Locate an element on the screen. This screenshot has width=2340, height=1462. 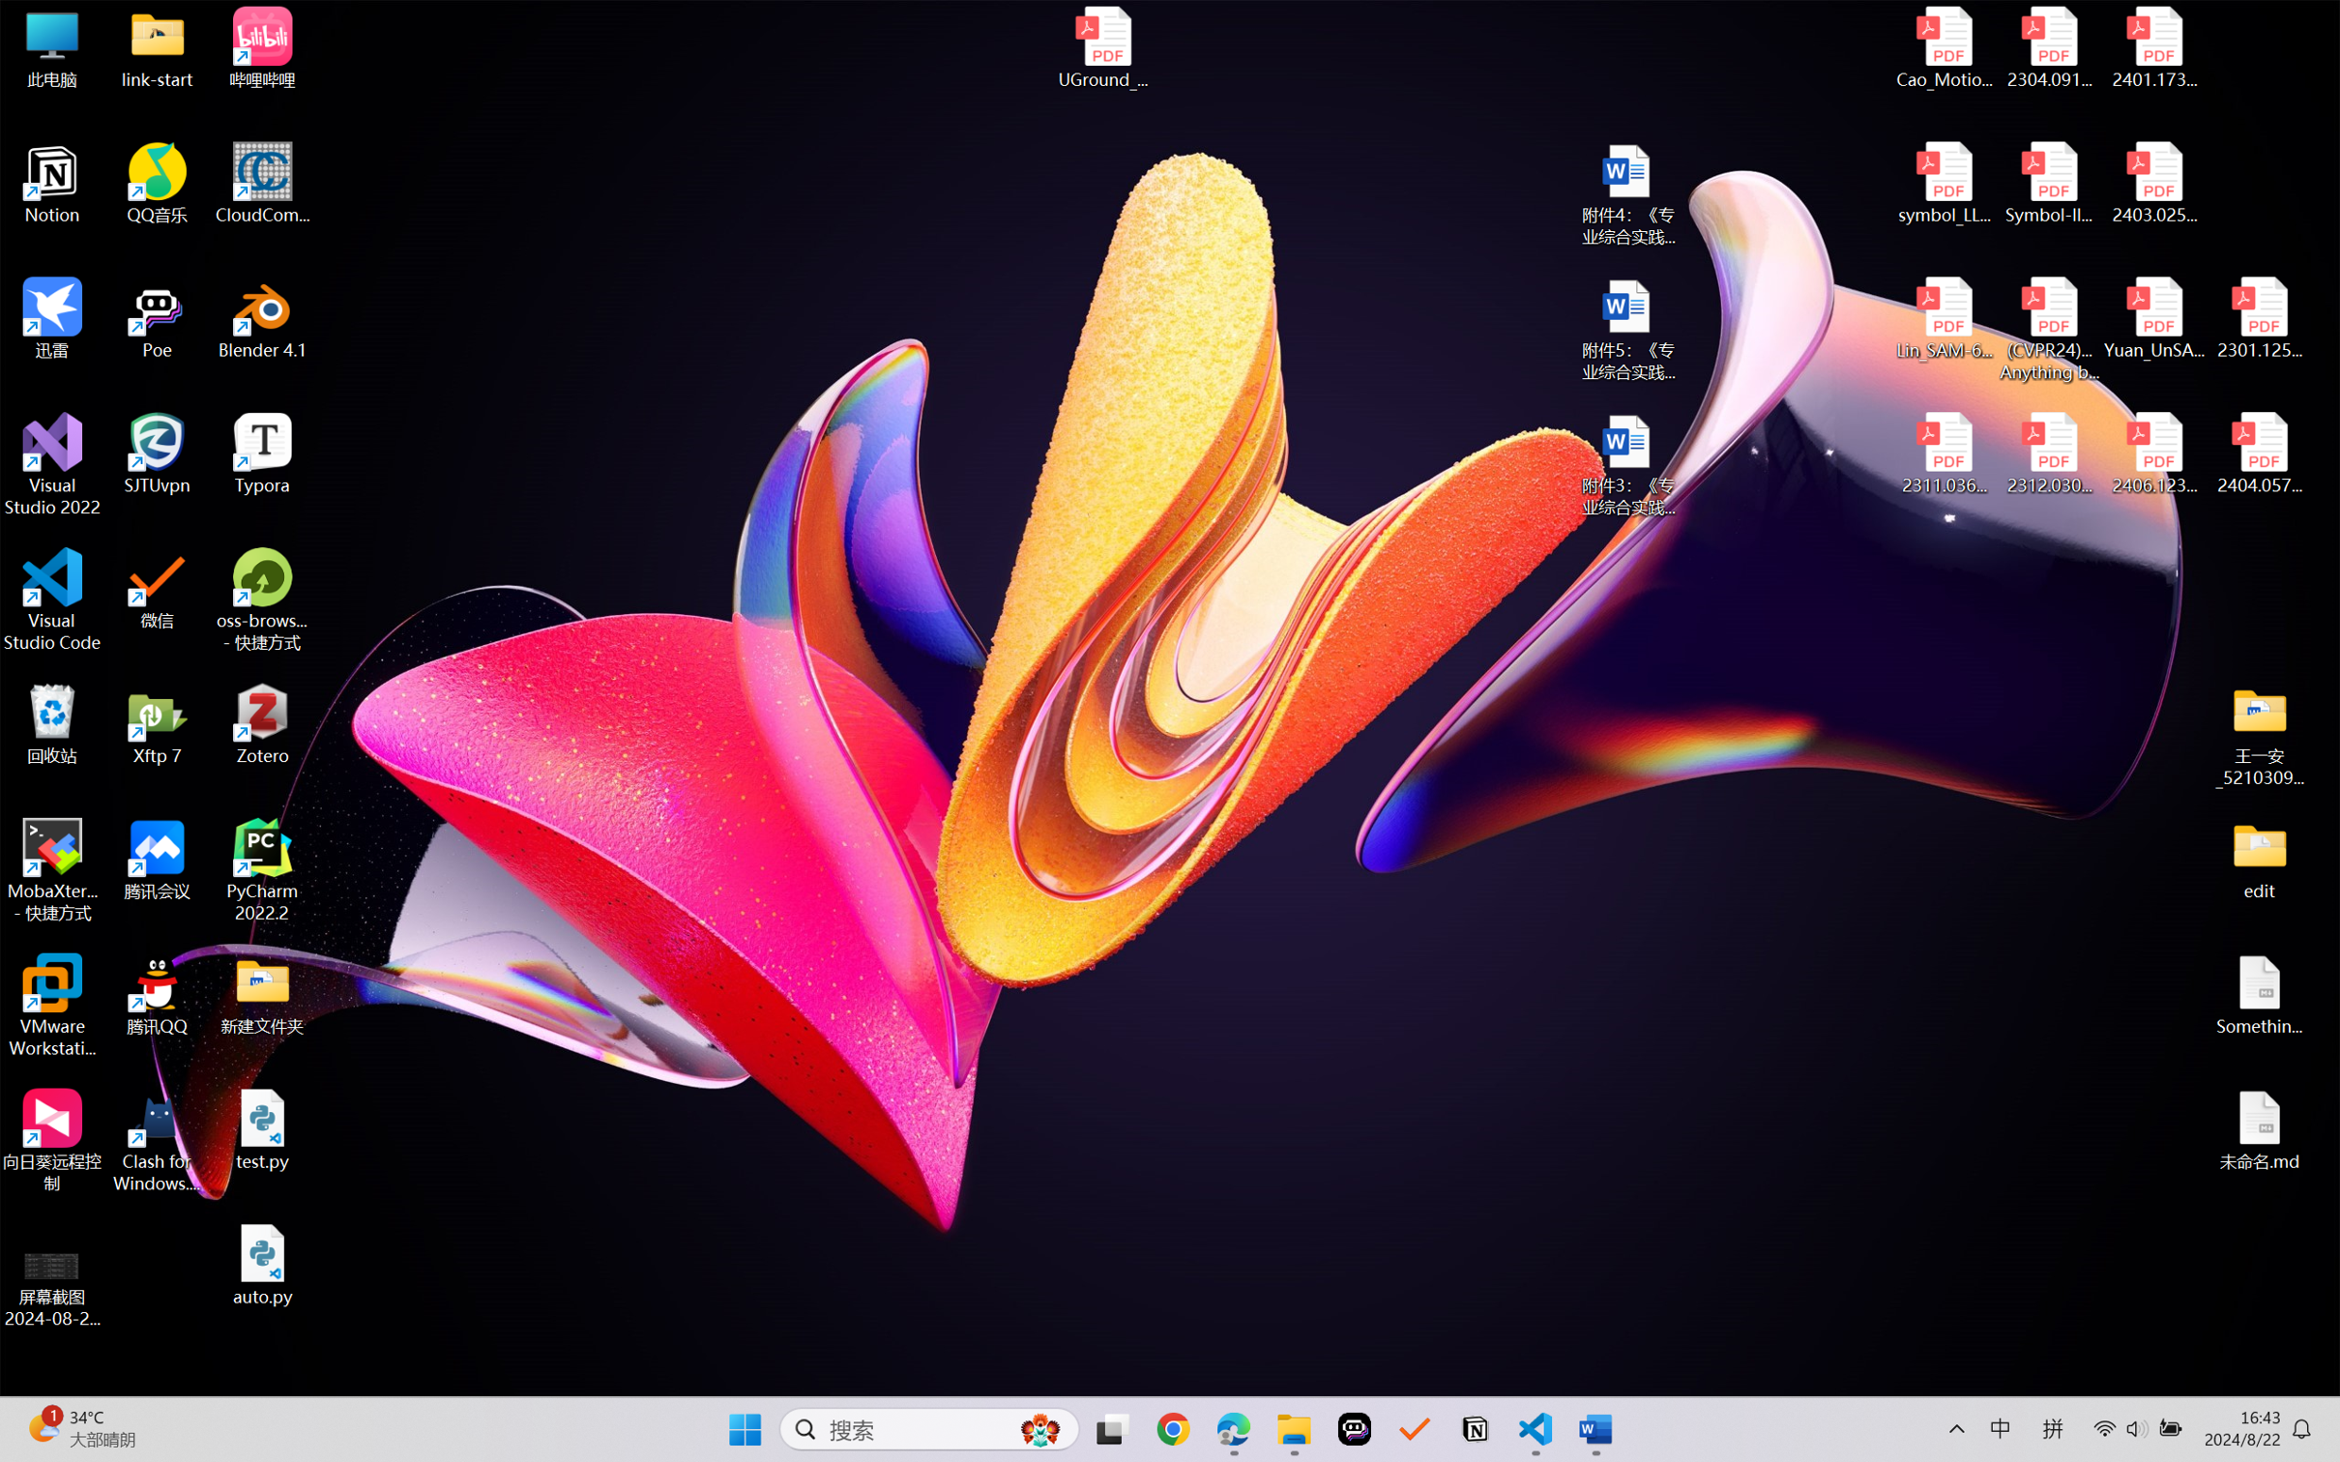
'(CVPR24)Matching Anything by Segmenting Anything.pdf' is located at coordinates (2048, 329).